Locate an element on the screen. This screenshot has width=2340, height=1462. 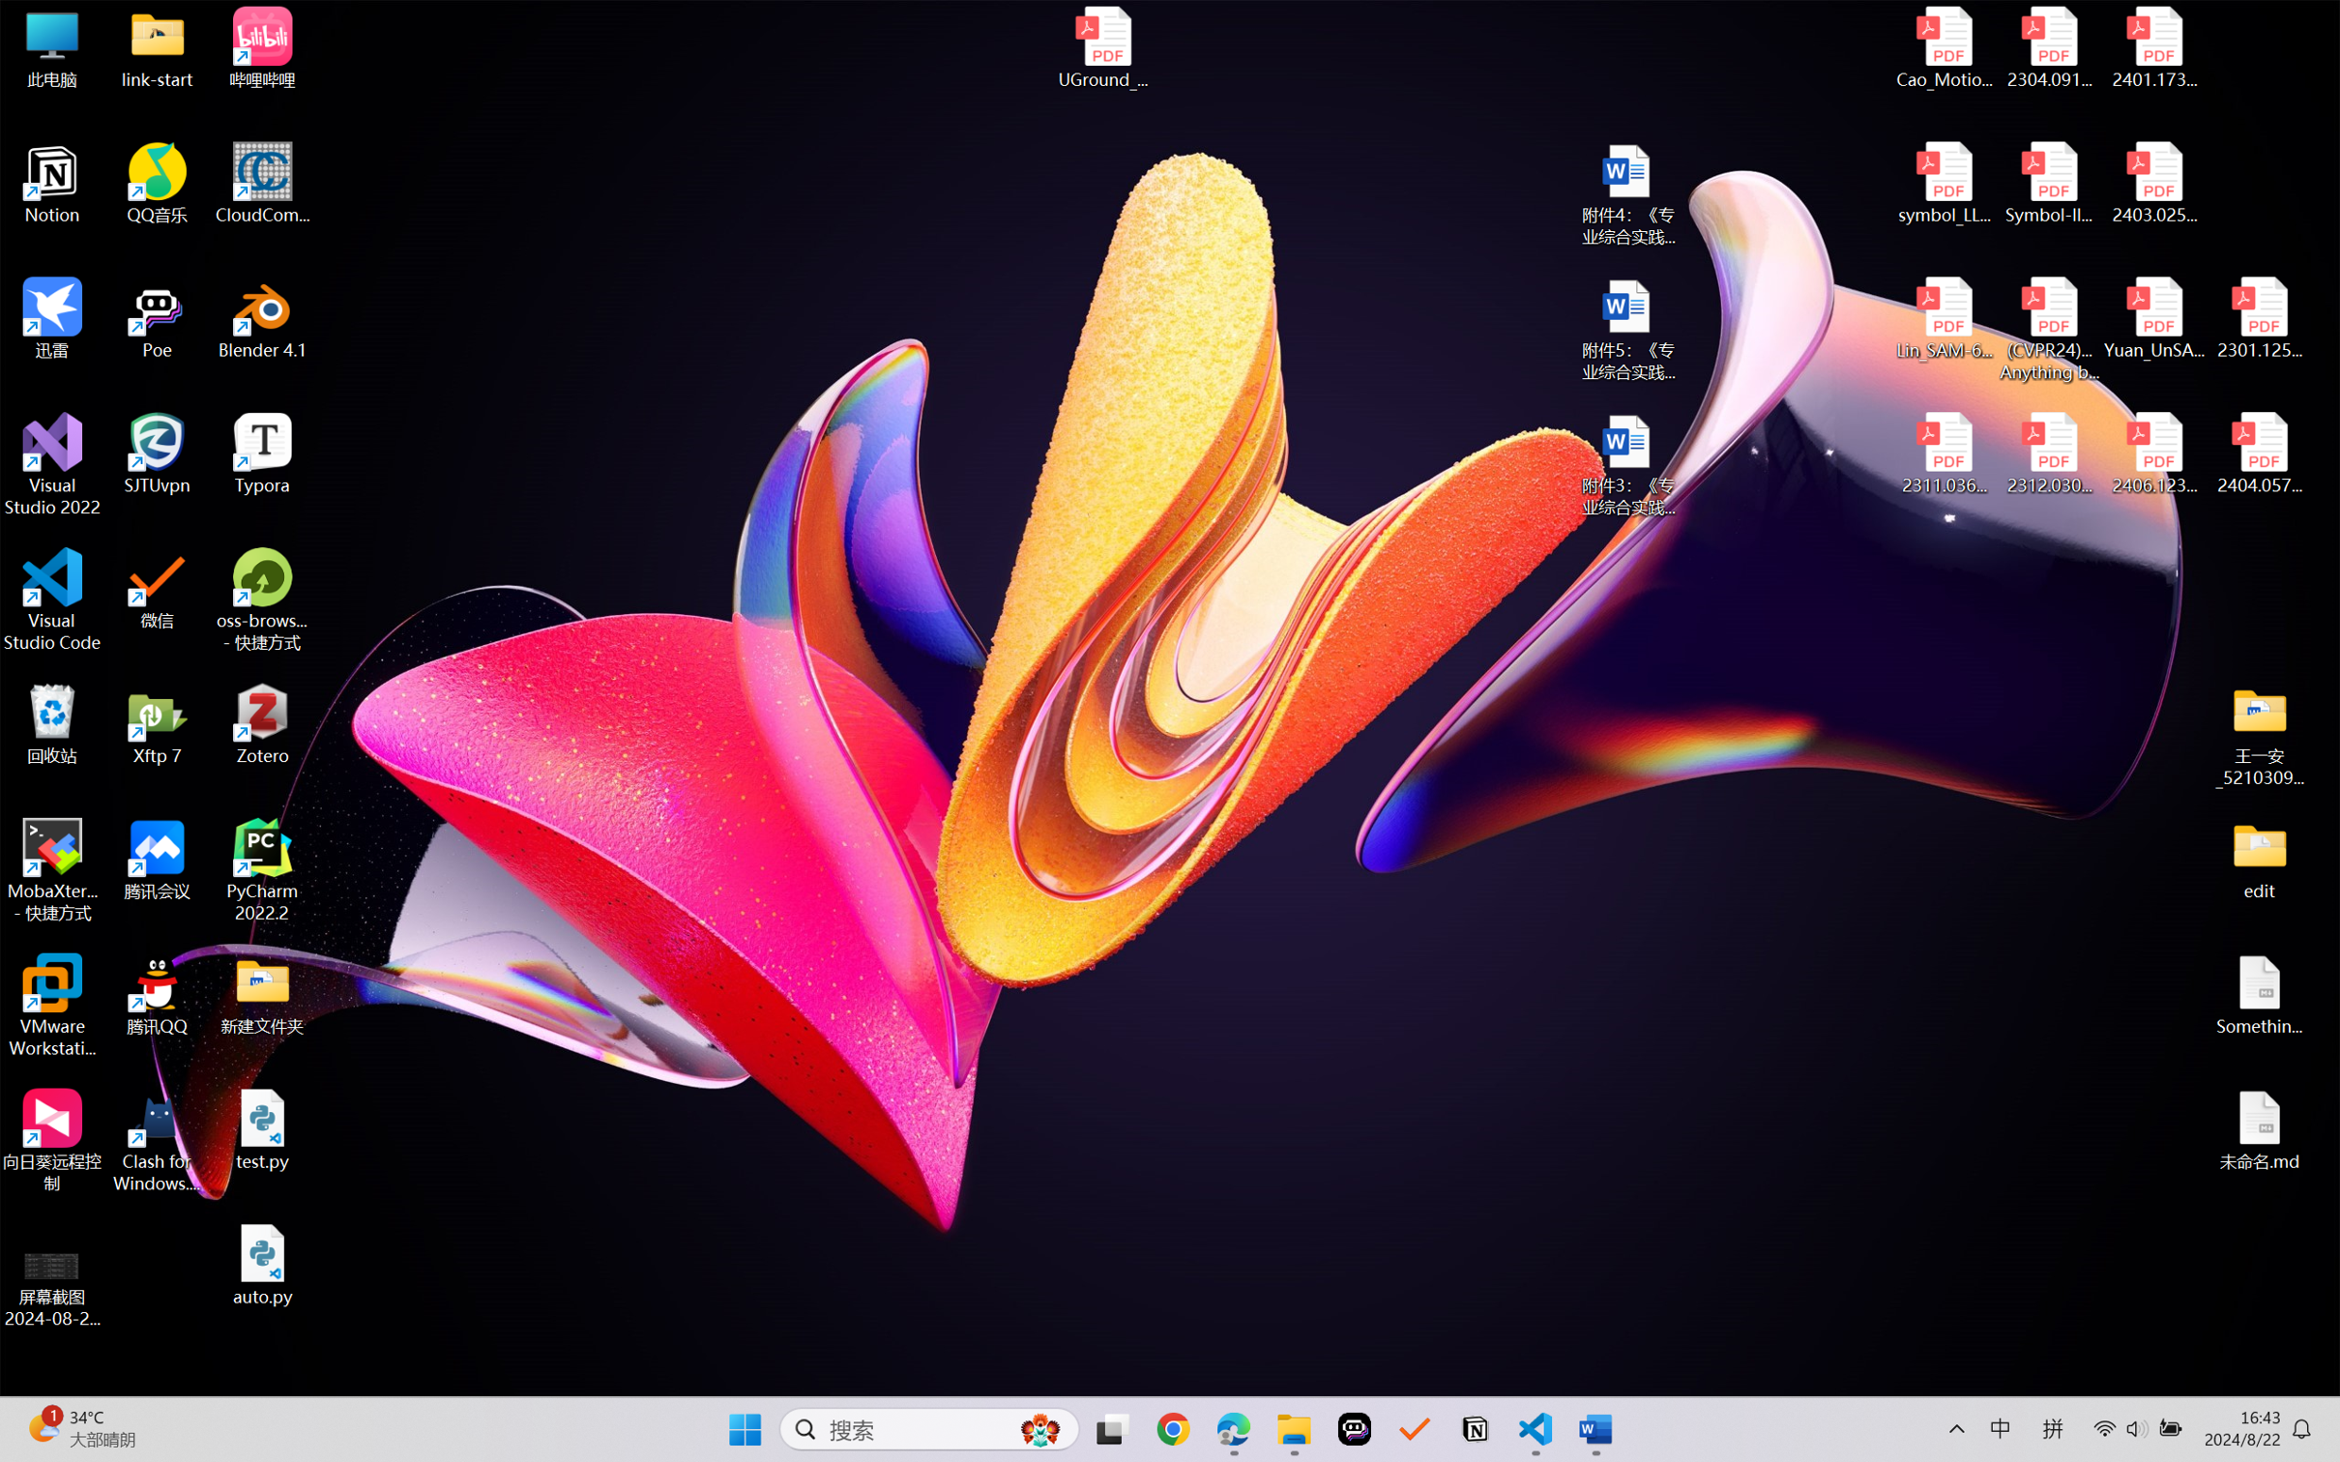
'(CVPR24)Matching Anything by Segmenting Anything.pdf' is located at coordinates (2048, 329).